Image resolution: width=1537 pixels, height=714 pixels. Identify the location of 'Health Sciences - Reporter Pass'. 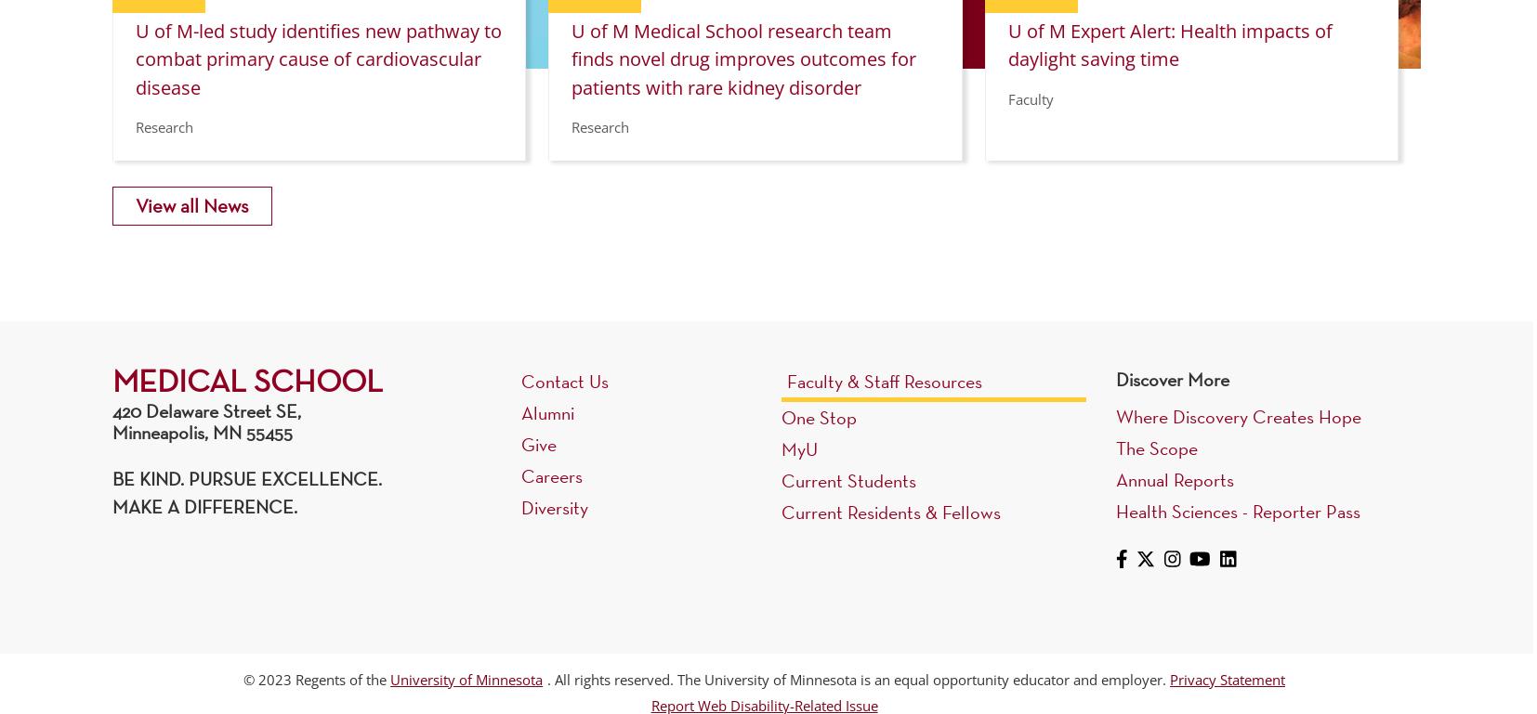
(1238, 509).